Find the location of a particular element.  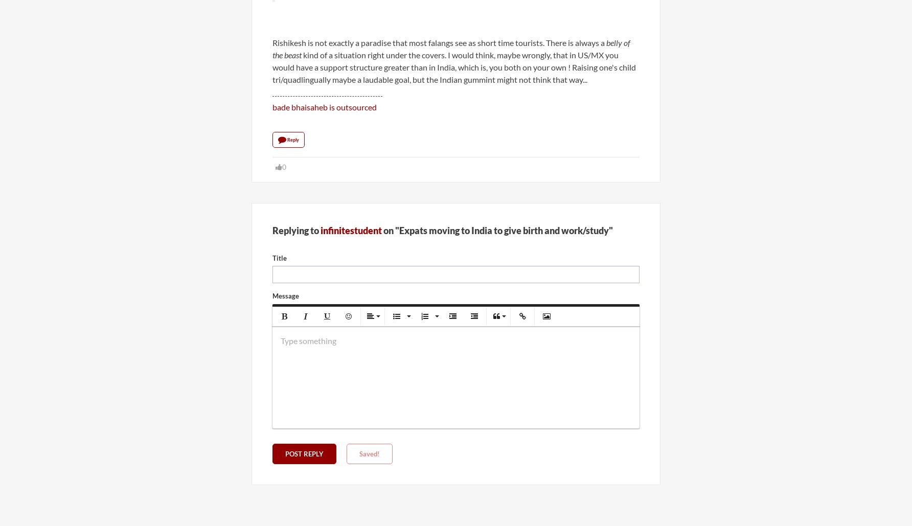

'belly of the beast' is located at coordinates (451, 48).